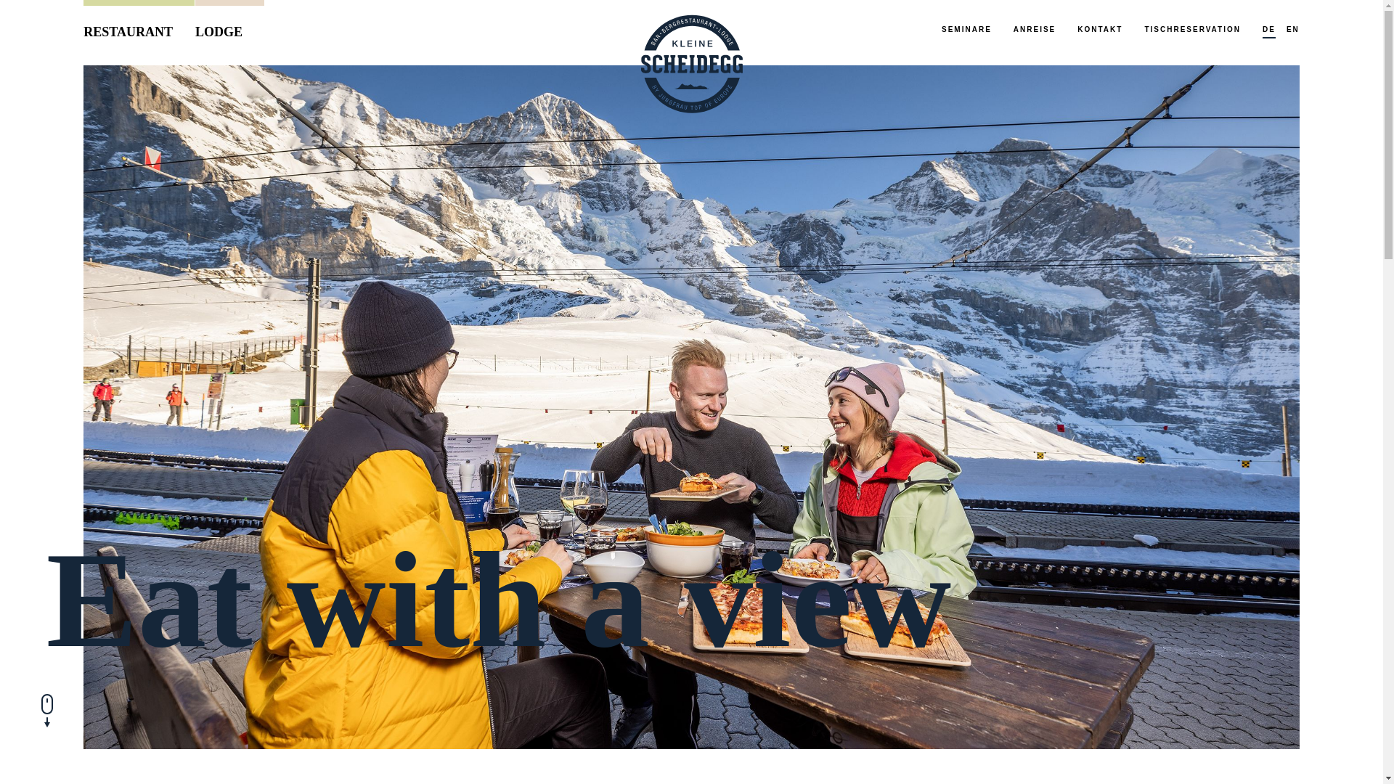  What do you see at coordinates (1261, 30) in the screenshot?
I see `'DE'` at bounding box center [1261, 30].